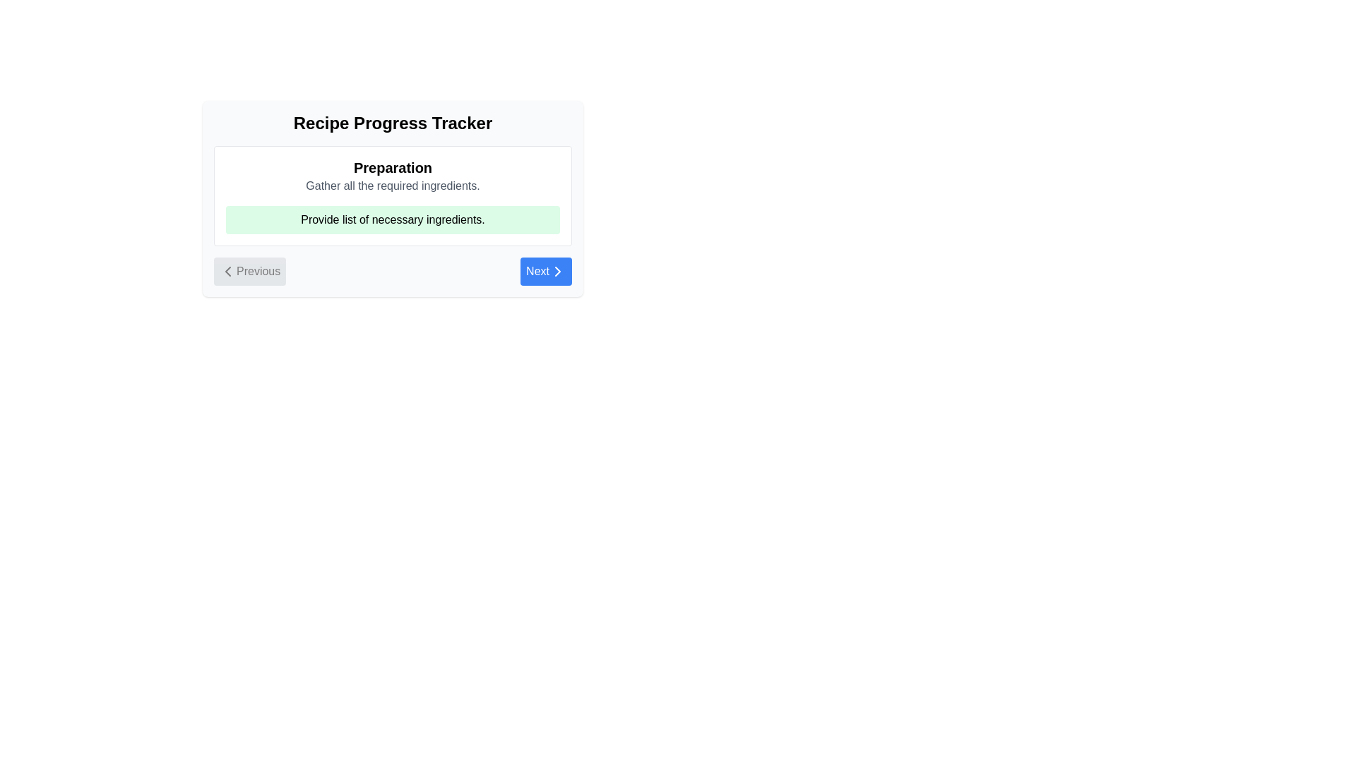  I want to click on instructional section titled 'Preparation' that contains the text 'Gather all the required ingredients.' and 'Provide list of necessary ingredients.', so click(393, 195).